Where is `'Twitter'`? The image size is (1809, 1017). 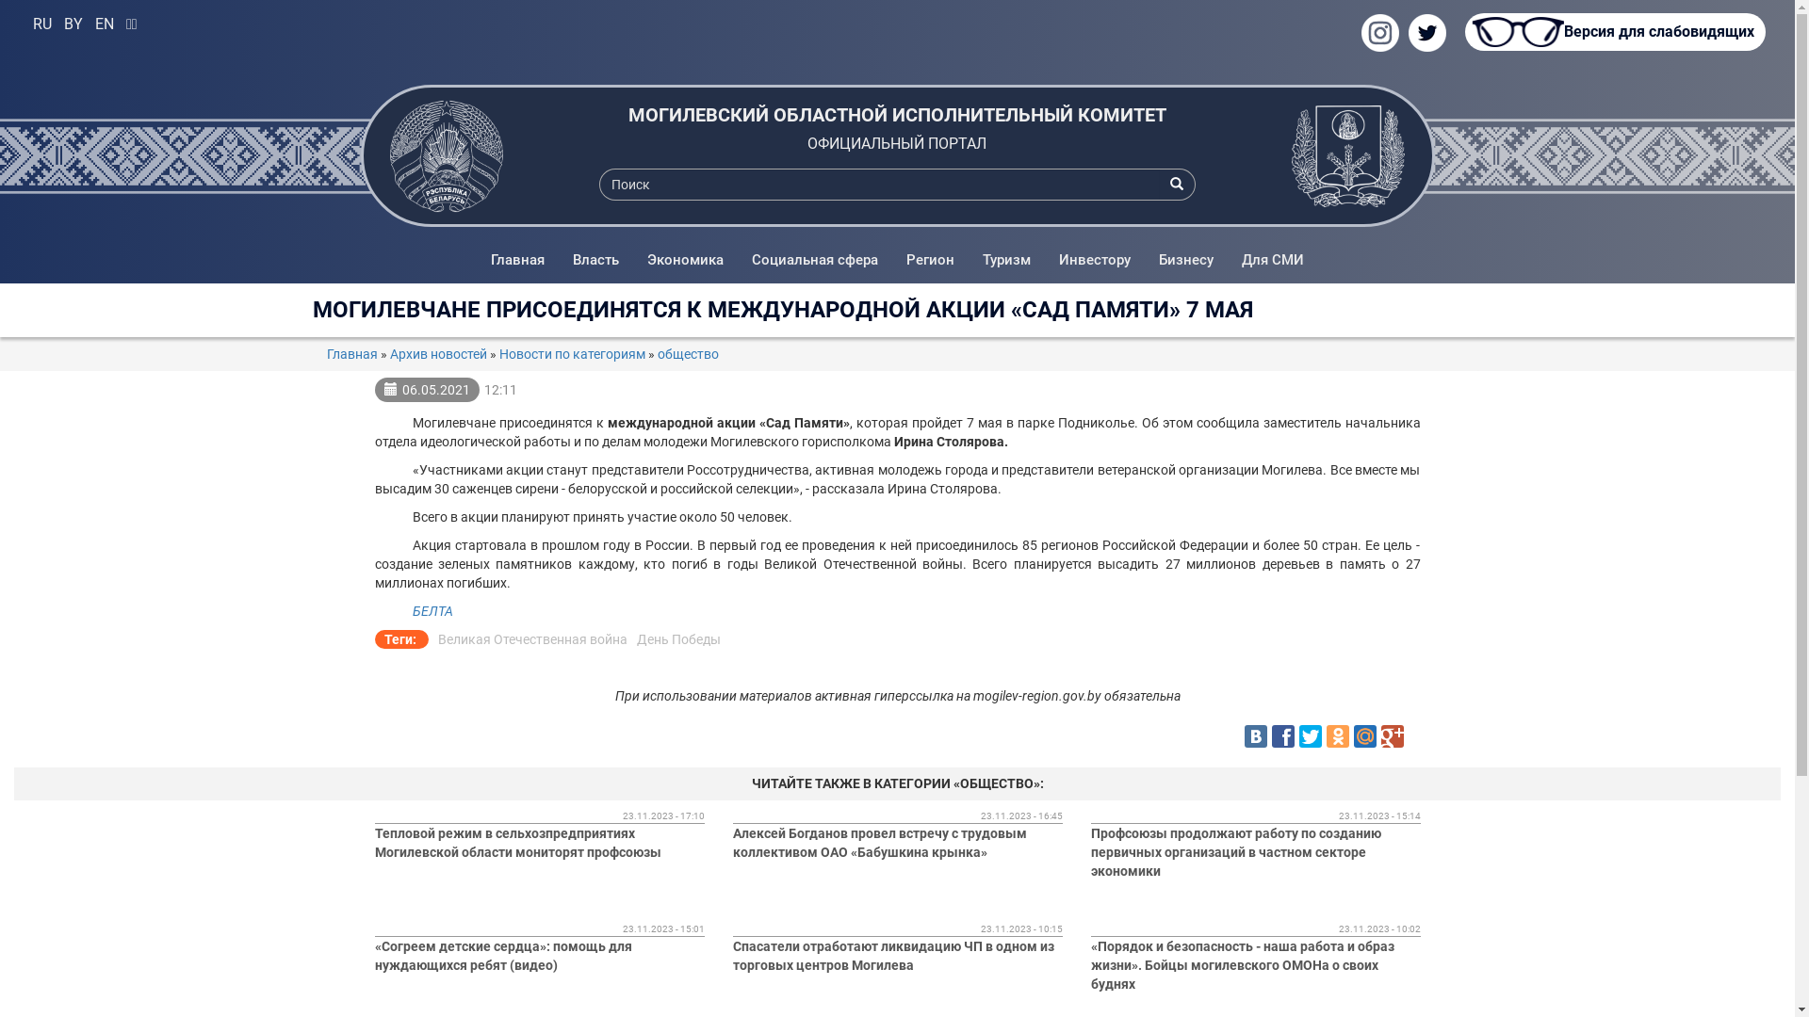
'Twitter' is located at coordinates (1309, 735).